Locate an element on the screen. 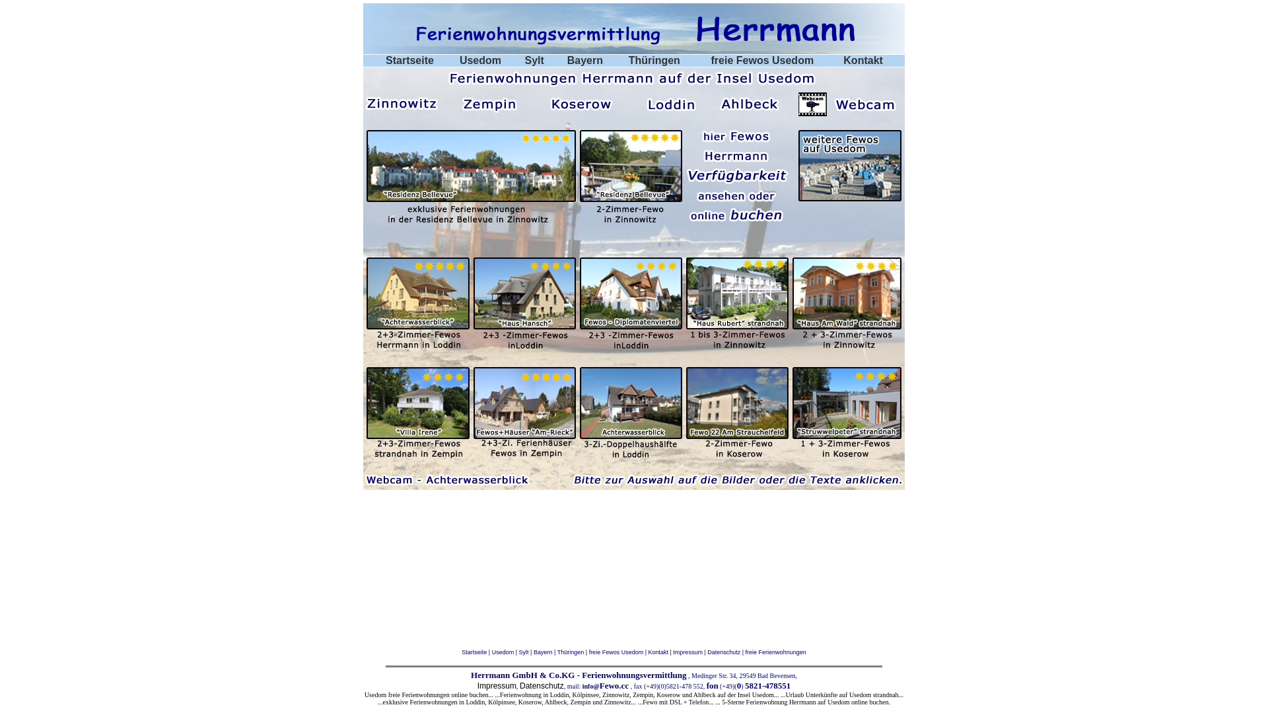 The width and height of the screenshot is (1268, 713). ' | Datenschutz' is located at coordinates (721, 651).